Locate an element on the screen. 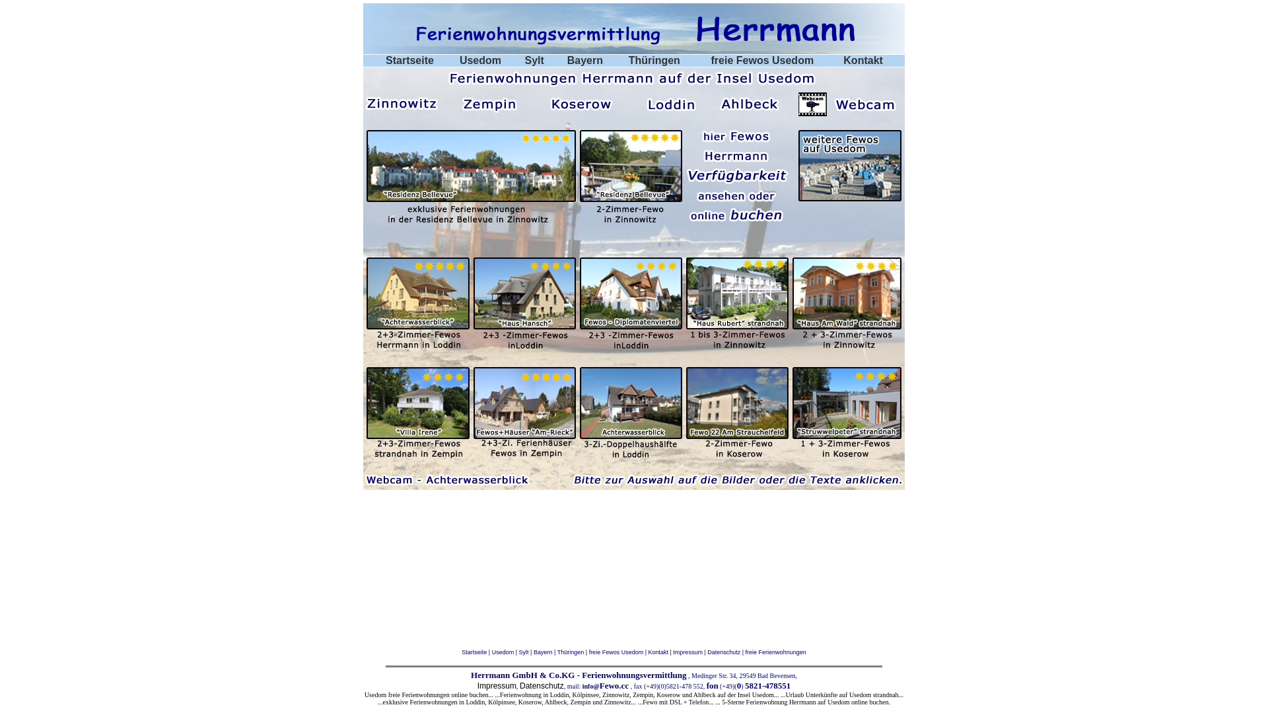 The width and height of the screenshot is (1268, 713). ' | Datenschutz' is located at coordinates (721, 651).